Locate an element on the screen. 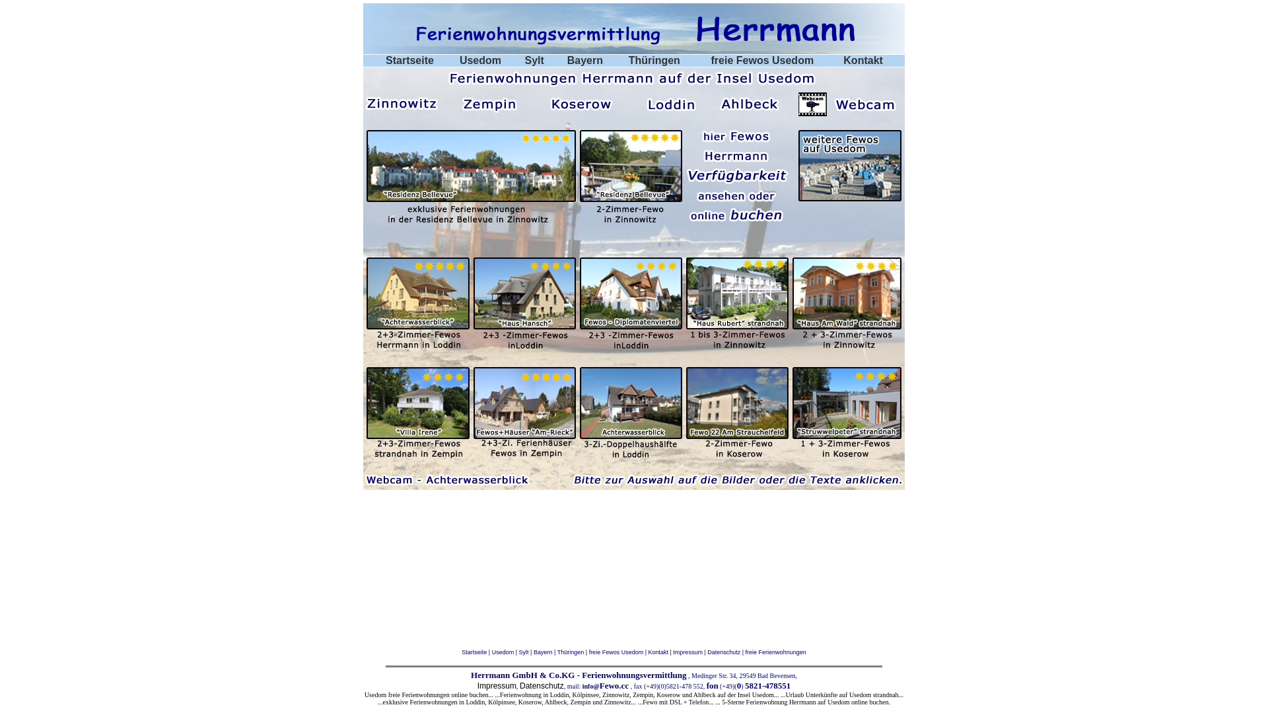 The width and height of the screenshot is (1268, 713). ' | Datenschutz' is located at coordinates (721, 651).